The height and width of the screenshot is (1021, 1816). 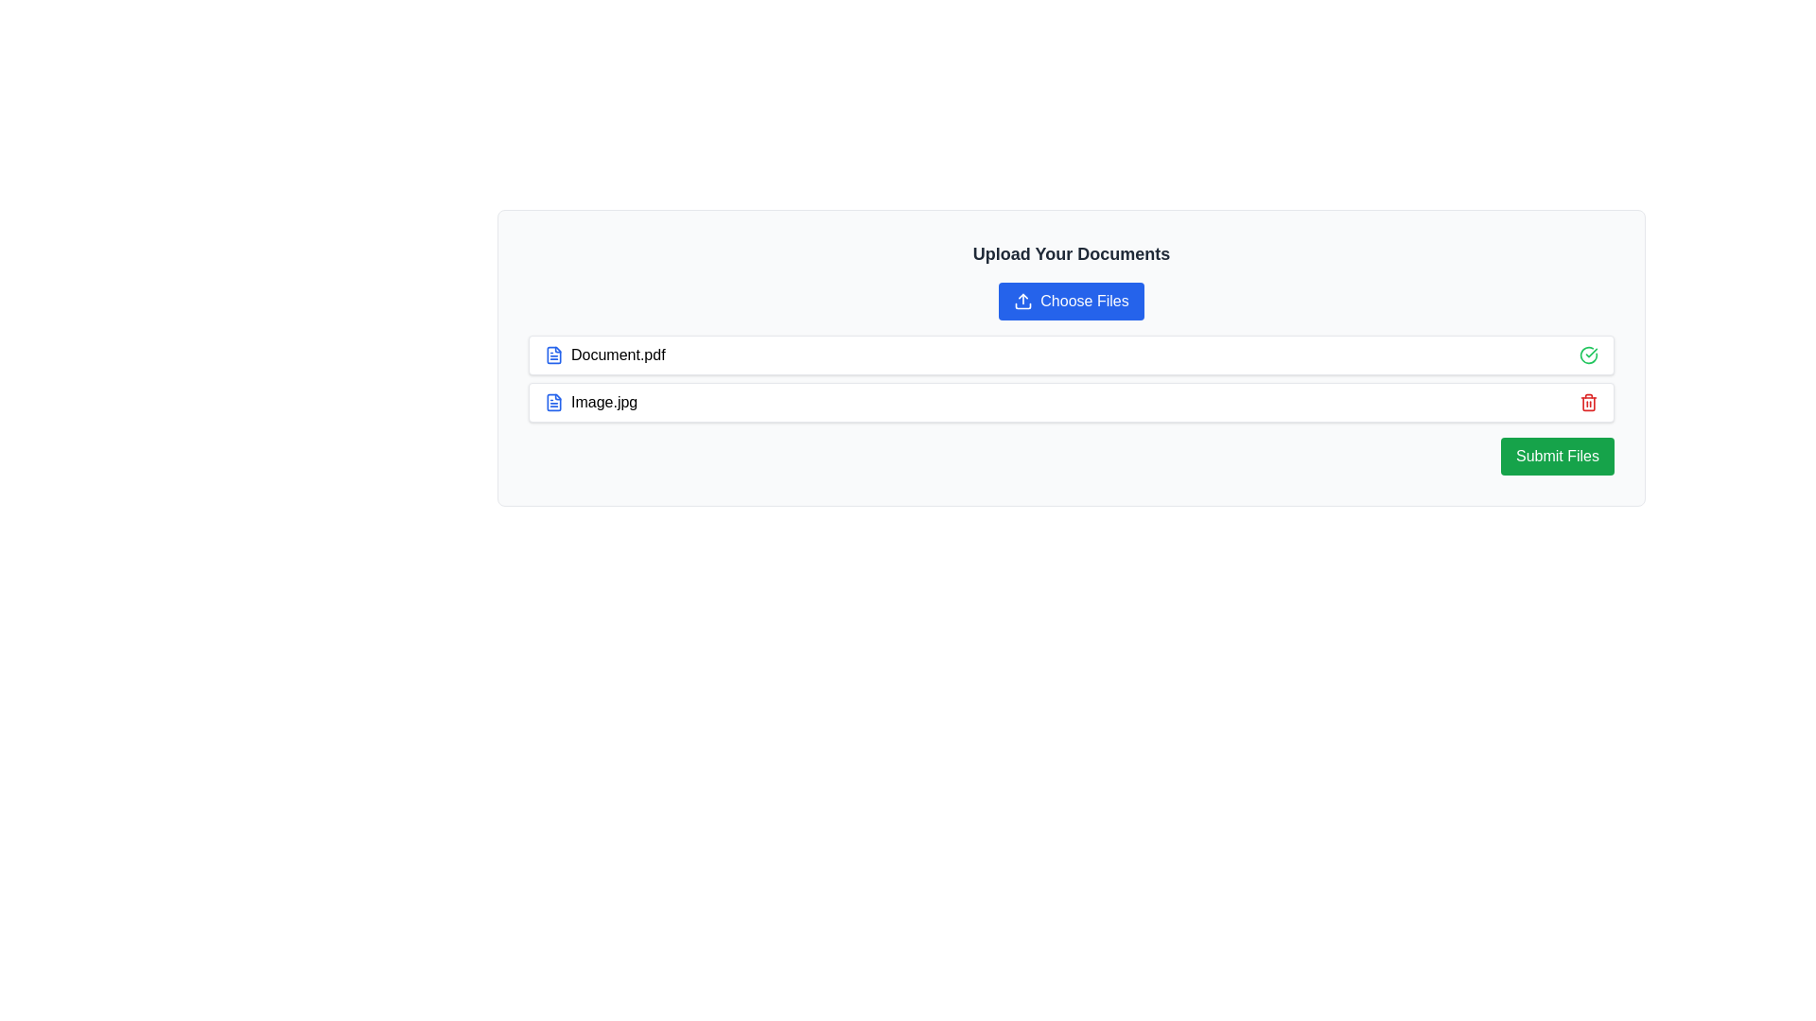 I want to click on the selectable file list item, which is the first item in the list and displays the file name with an accompanying icon, so click(x=603, y=355).